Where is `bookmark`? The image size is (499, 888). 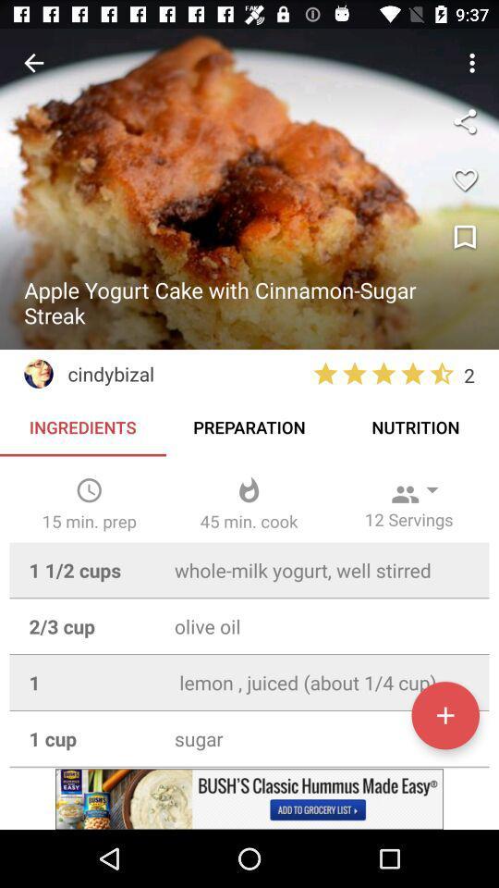 bookmark is located at coordinates (464, 237).